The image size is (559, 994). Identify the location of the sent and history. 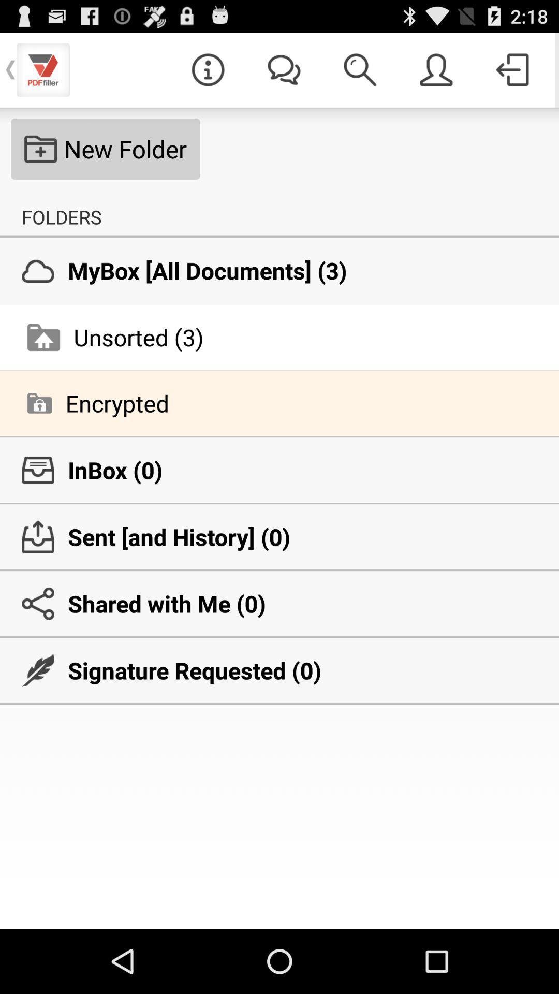
(279, 537).